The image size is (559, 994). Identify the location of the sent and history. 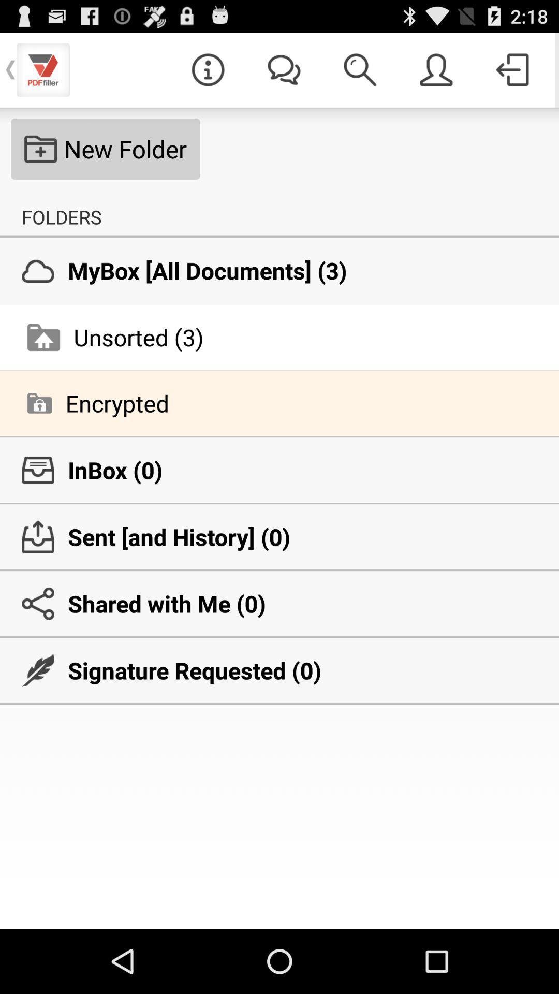
(279, 537).